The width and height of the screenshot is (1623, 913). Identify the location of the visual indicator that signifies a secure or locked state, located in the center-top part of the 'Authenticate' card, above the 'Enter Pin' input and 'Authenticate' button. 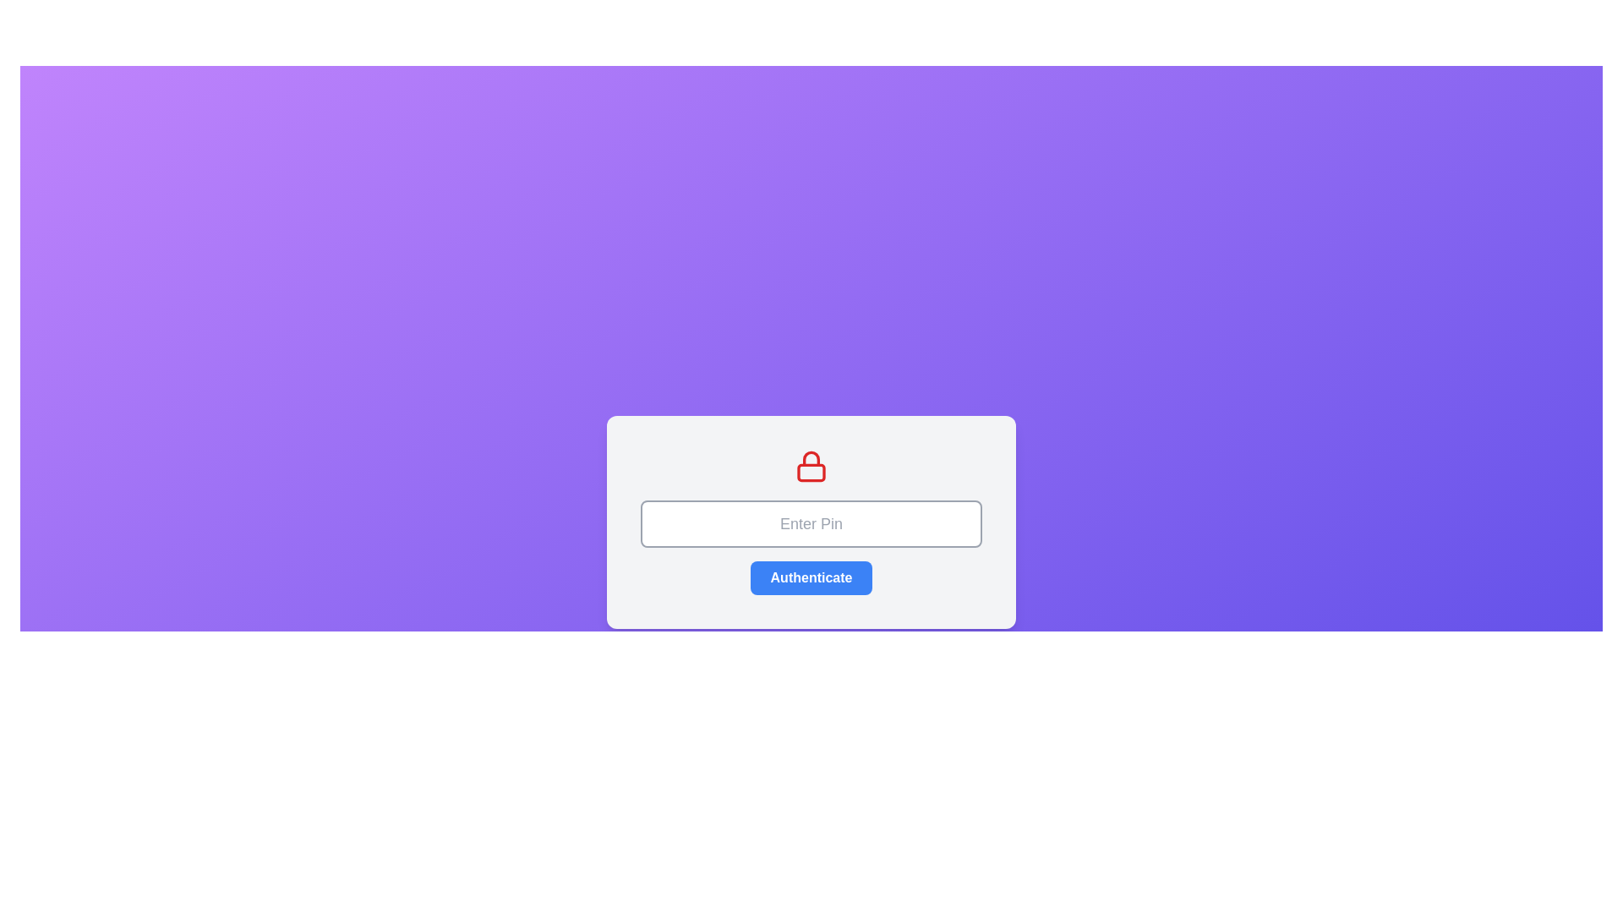
(811, 466).